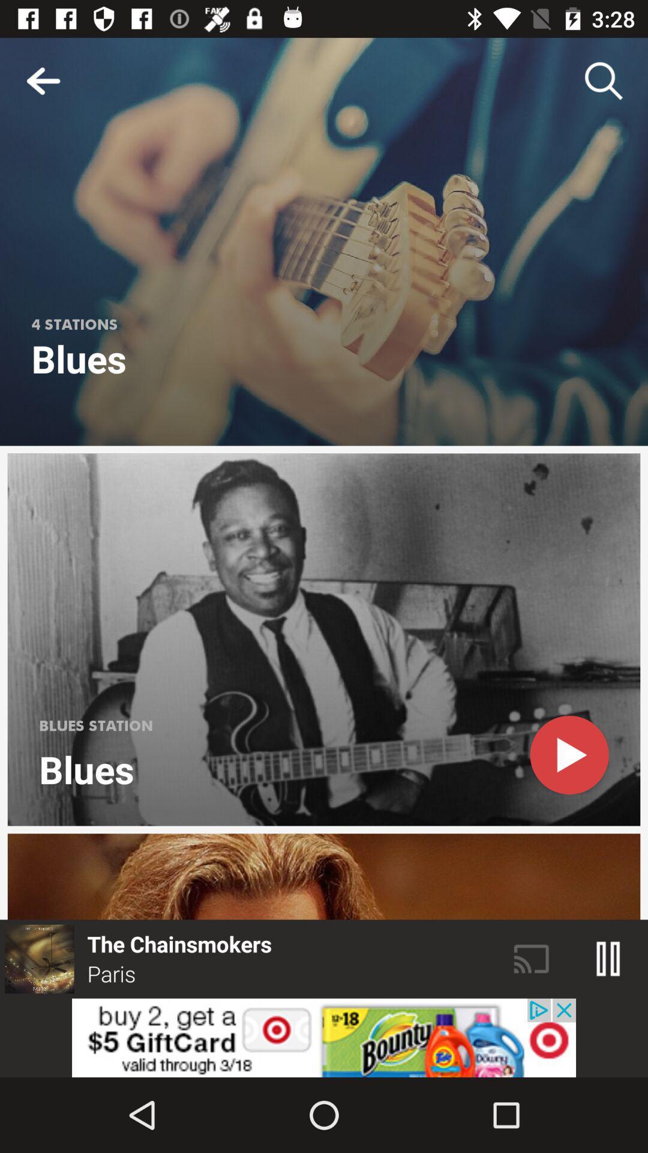  I want to click on the pause icon, so click(608, 958).